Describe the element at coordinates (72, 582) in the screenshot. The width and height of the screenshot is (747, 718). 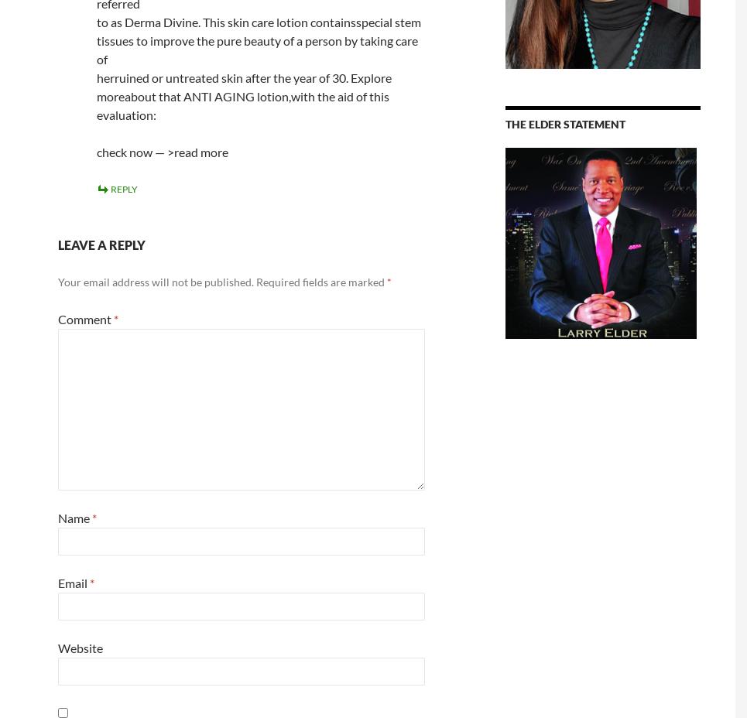
I see `'Email'` at that location.